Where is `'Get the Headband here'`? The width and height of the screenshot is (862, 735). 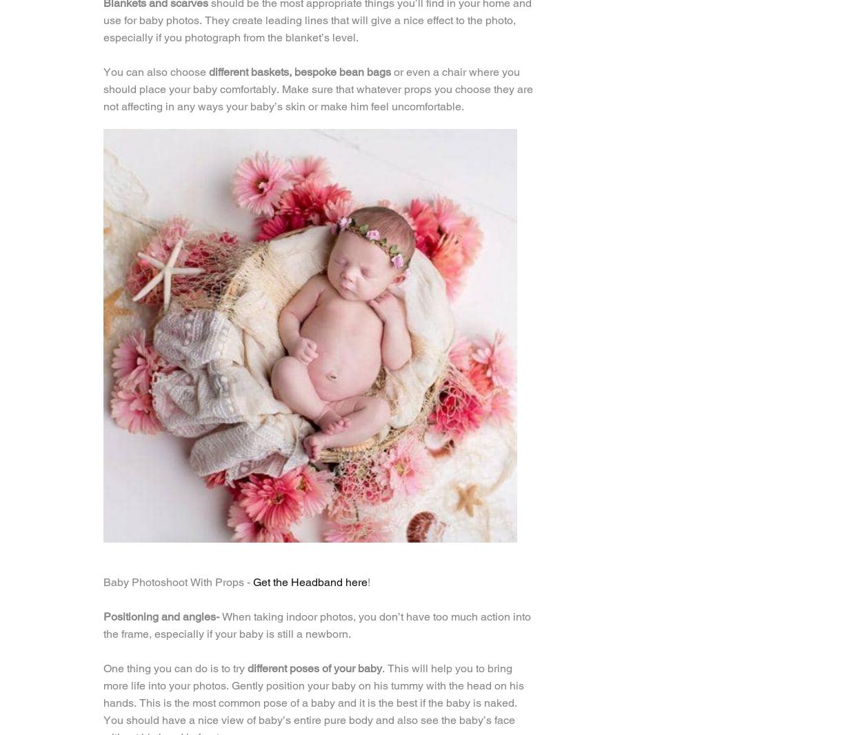
'Get the Headband here' is located at coordinates (310, 582).